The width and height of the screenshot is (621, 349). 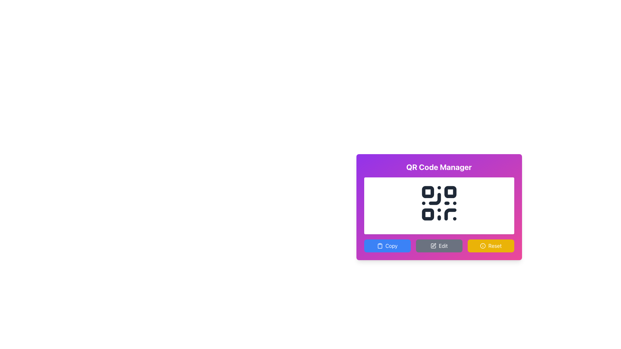 I want to click on the 'Copy' button located at the bottom left of the QR Code Manager interface to trigger additional effects or styling feedback, so click(x=387, y=246).